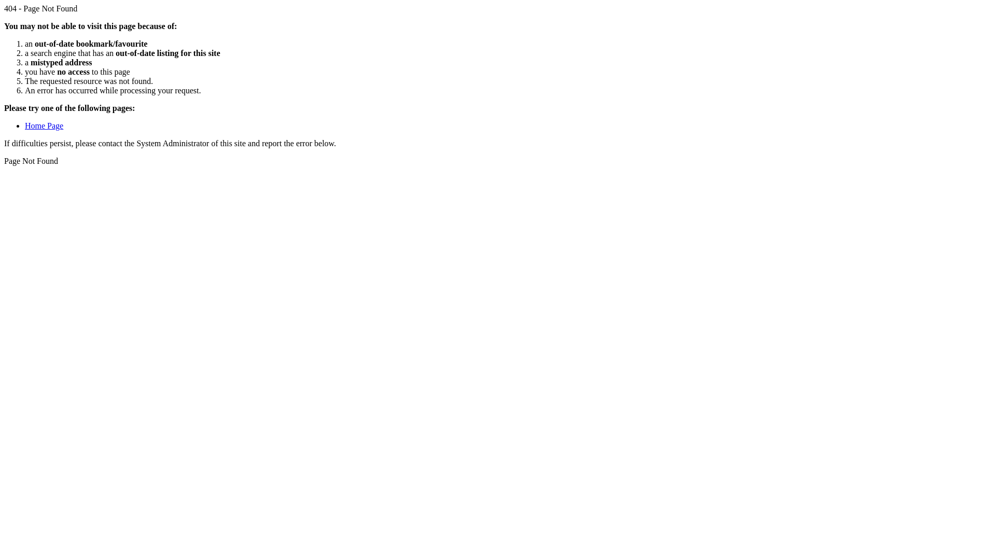  What do you see at coordinates (44, 125) in the screenshot?
I see `'Home Page'` at bounding box center [44, 125].